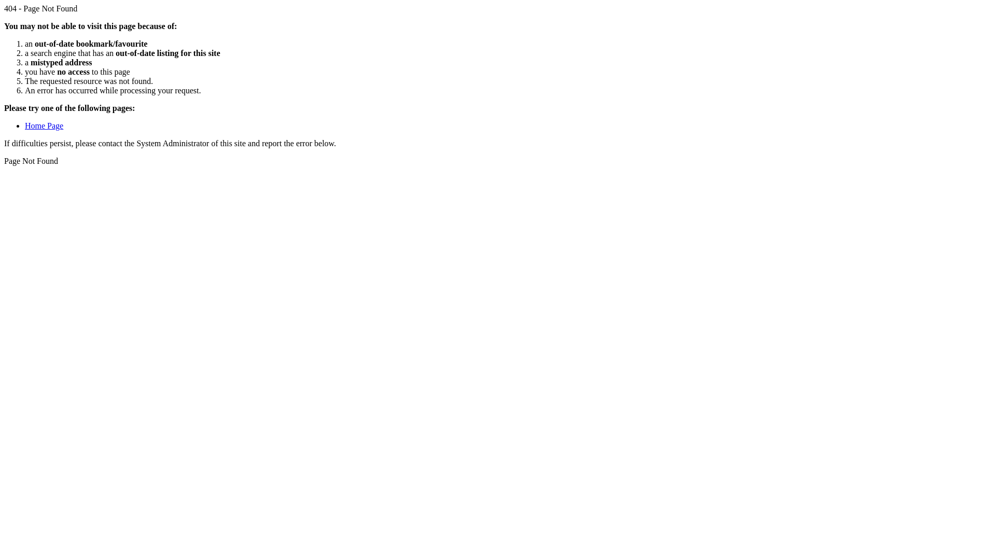  What do you see at coordinates (44, 125) in the screenshot?
I see `'Home Page'` at bounding box center [44, 125].